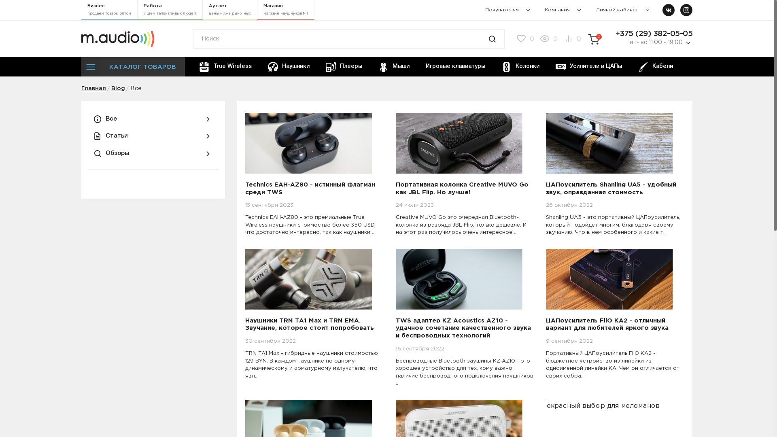 Image resolution: width=777 pixels, height=437 pixels. I want to click on '0', so click(571, 39).